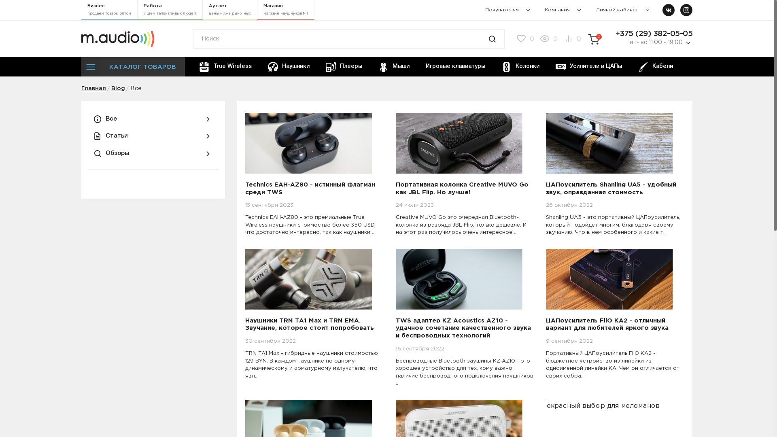 Image resolution: width=777 pixels, height=437 pixels. I want to click on '0', so click(571, 39).